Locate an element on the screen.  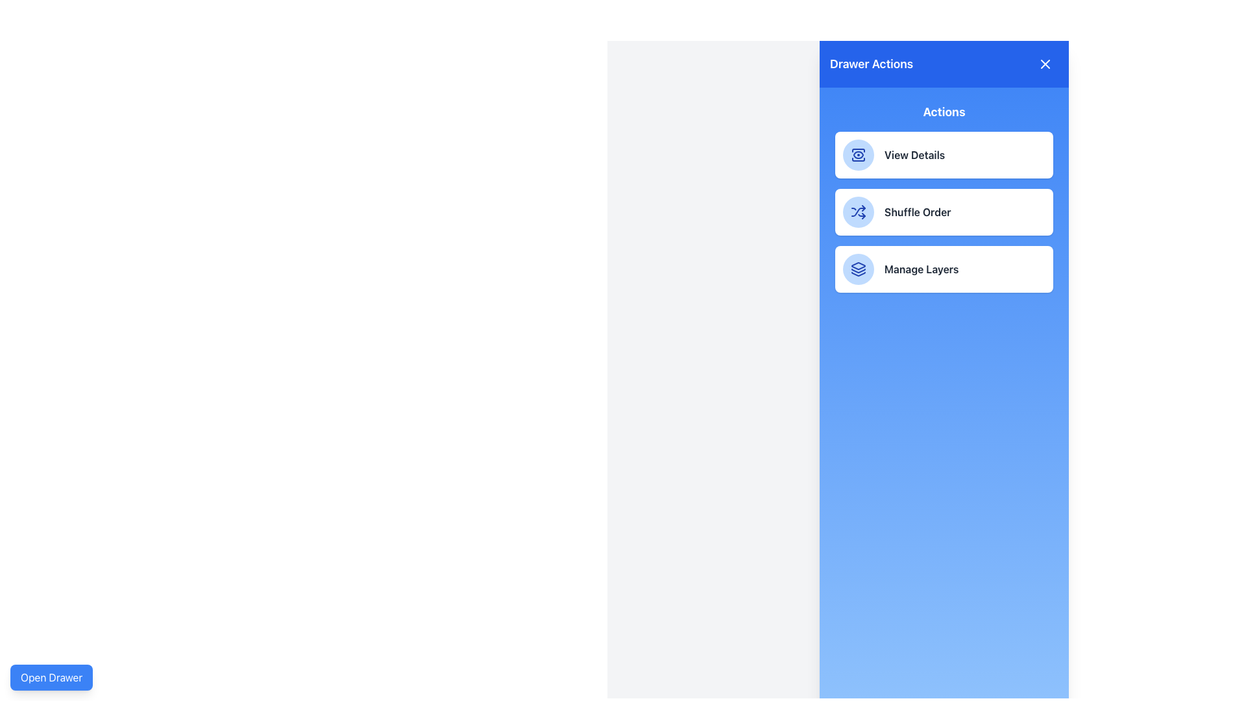
the upper layer of the diamond-shaped icon representing the 'Manage Layers' action is located at coordinates (859, 265).